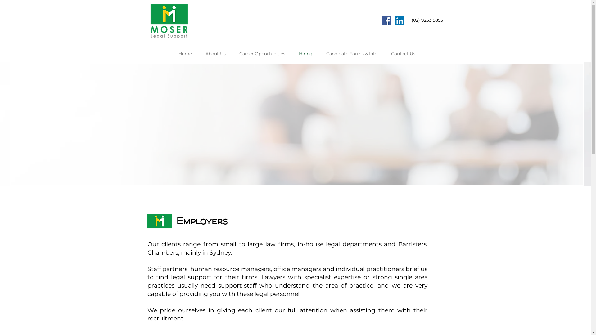  Describe the element at coordinates (305, 53) in the screenshot. I see `'Hiring'` at that location.